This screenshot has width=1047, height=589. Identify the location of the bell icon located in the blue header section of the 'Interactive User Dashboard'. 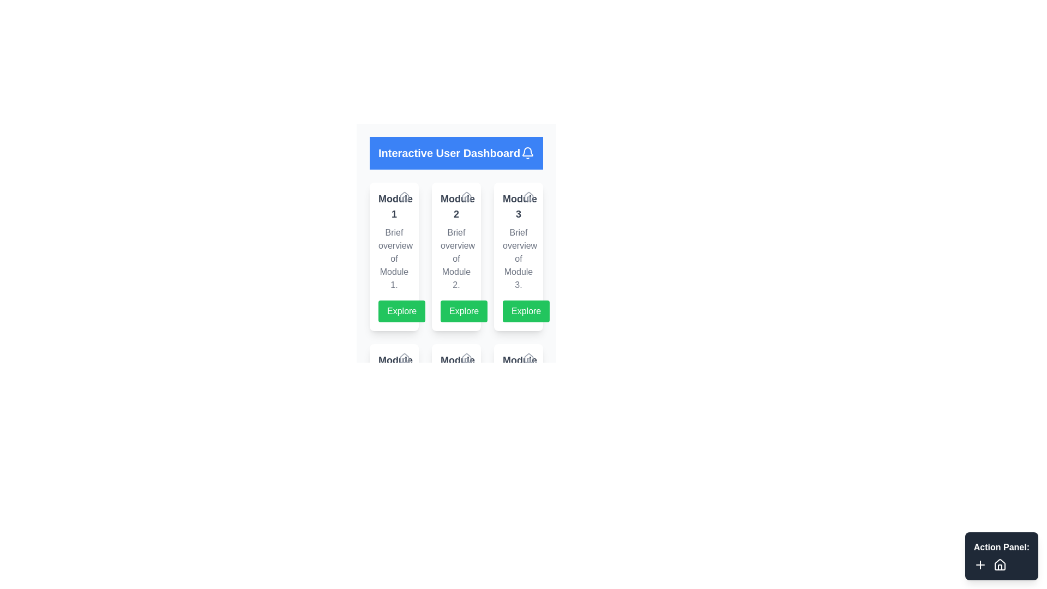
(528, 153).